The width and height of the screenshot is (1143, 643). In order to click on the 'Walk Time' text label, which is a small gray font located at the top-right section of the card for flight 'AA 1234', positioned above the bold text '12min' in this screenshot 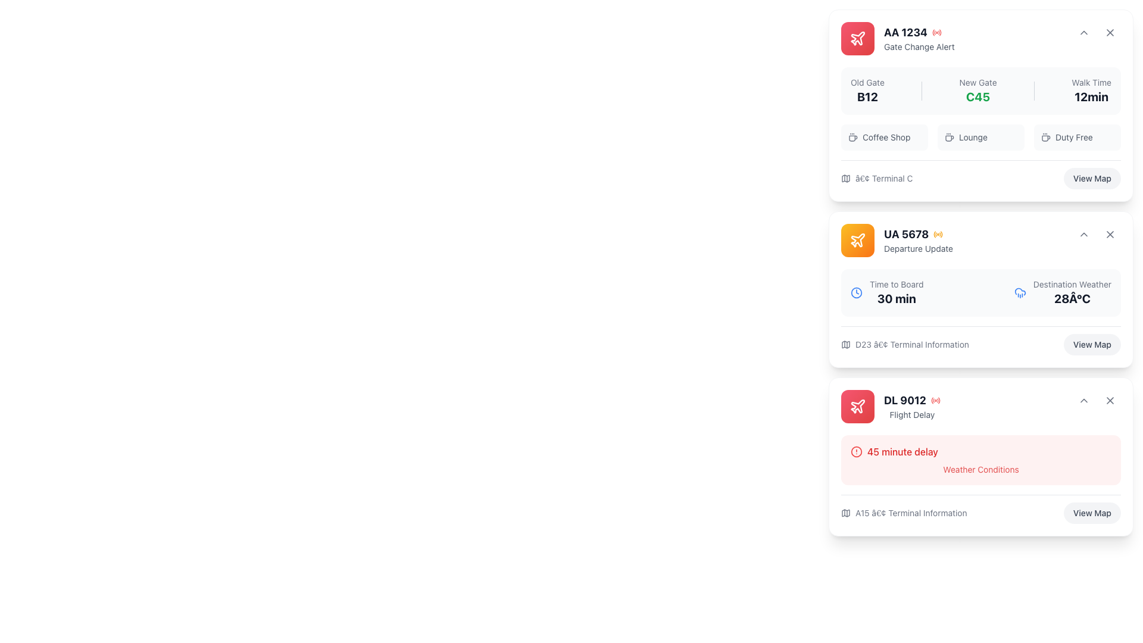, I will do `click(1091, 82)`.